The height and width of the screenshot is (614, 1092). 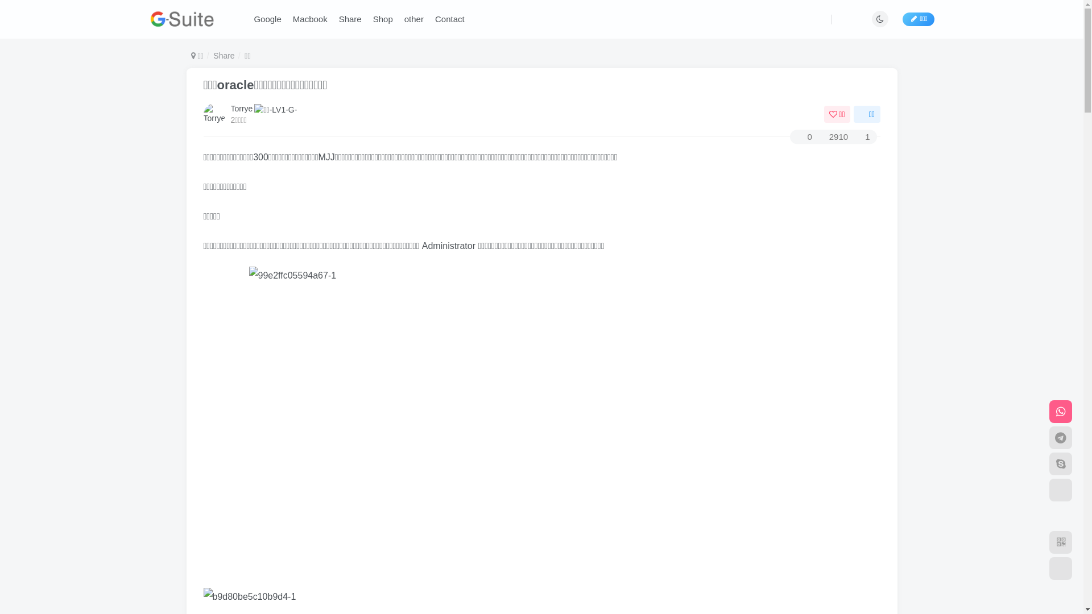 I want to click on 'Email', so click(x=1060, y=489).